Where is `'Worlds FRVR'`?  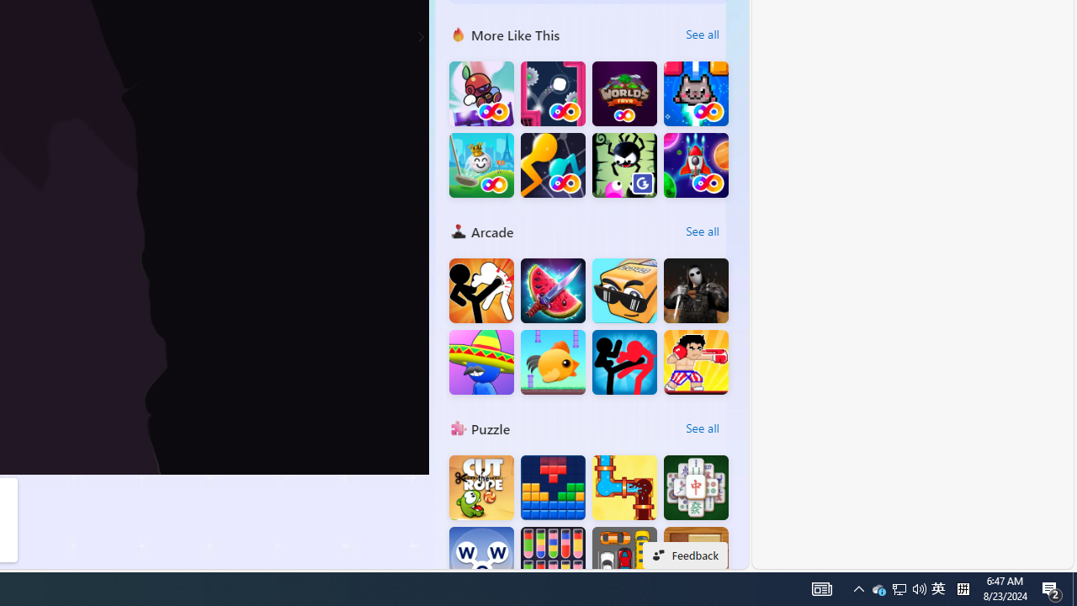 'Worlds FRVR' is located at coordinates (623, 93).